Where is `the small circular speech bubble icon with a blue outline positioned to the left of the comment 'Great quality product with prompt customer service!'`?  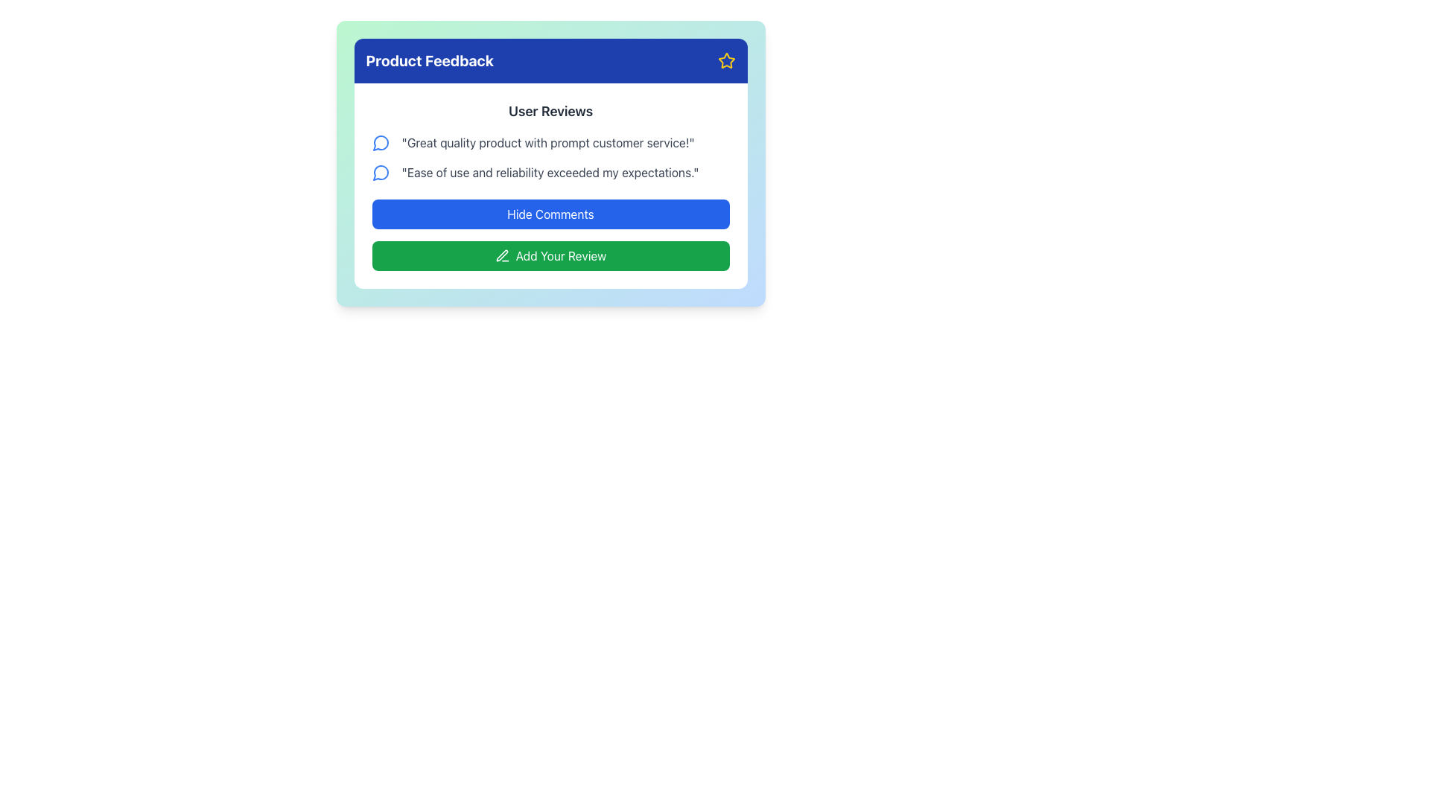
the small circular speech bubble icon with a blue outline positioned to the left of the comment 'Great quality product with prompt customer service!' is located at coordinates (381, 143).